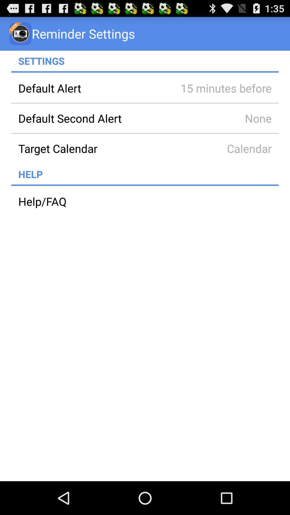  Describe the element at coordinates (92, 148) in the screenshot. I see `app next to calendar icon` at that location.